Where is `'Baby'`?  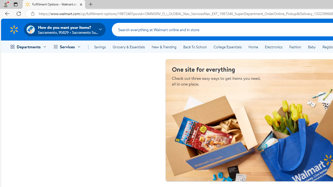
'Baby' is located at coordinates (312, 47).